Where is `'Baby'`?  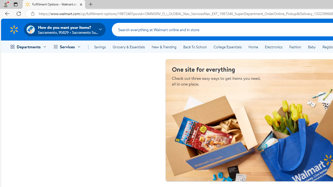
'Baby' is located at coordinates (312, 47).